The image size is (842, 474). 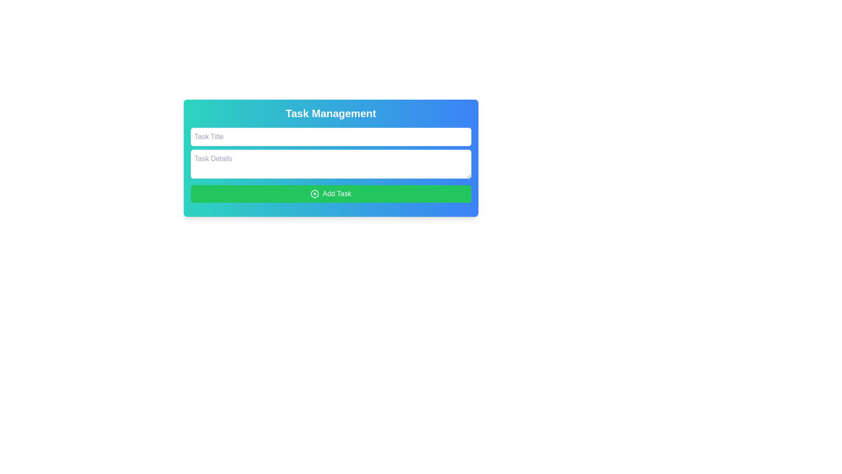 I want to click on the circular outline of the 'plus in a circle' icon, which is located to the left of the 'Add Task' button's label within the green button at the bottom of the form, so click(x=314, y=194).